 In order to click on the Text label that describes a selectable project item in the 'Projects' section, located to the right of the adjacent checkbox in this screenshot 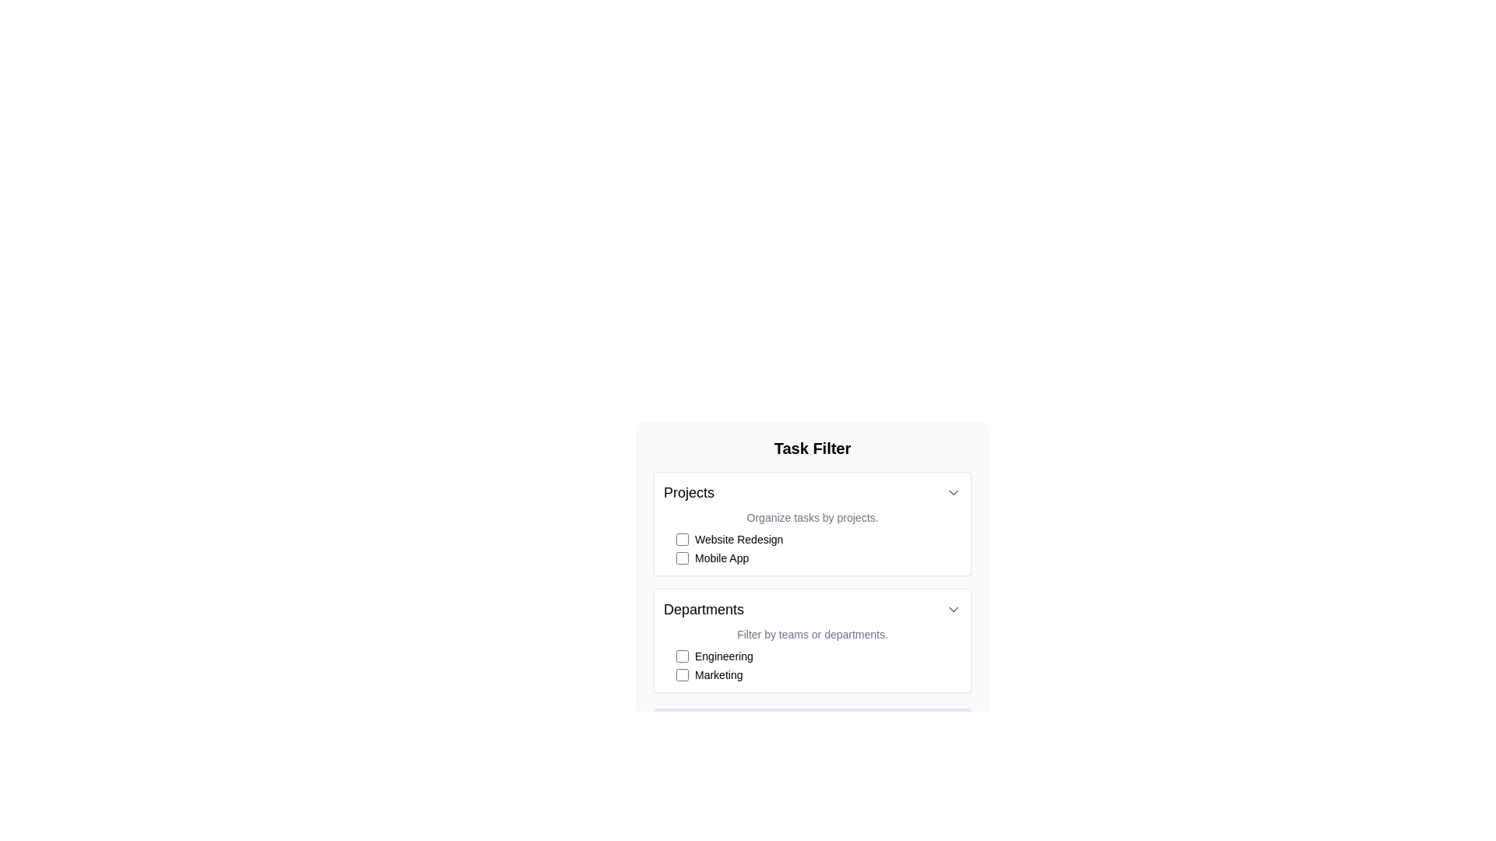, I will do `click(738, 539)`.